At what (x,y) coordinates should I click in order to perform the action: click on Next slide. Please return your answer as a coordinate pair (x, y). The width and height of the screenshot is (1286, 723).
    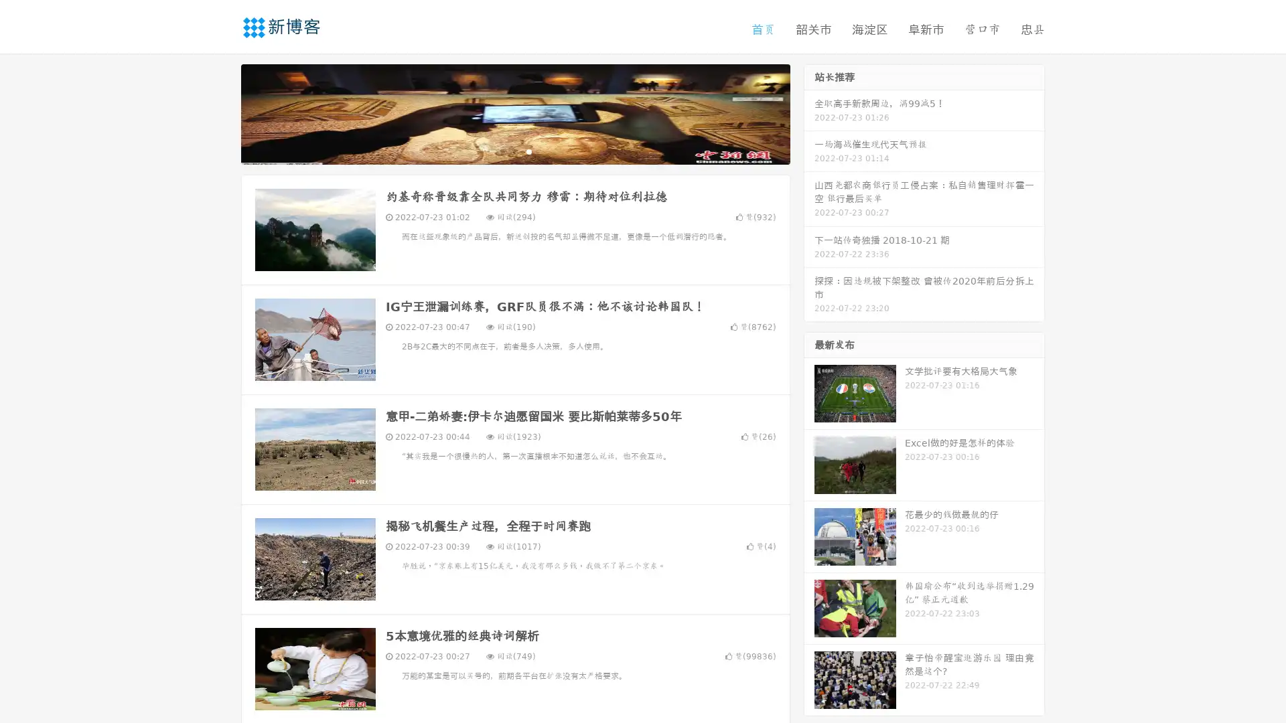
    Looking at the image, I should click on (809, 112).